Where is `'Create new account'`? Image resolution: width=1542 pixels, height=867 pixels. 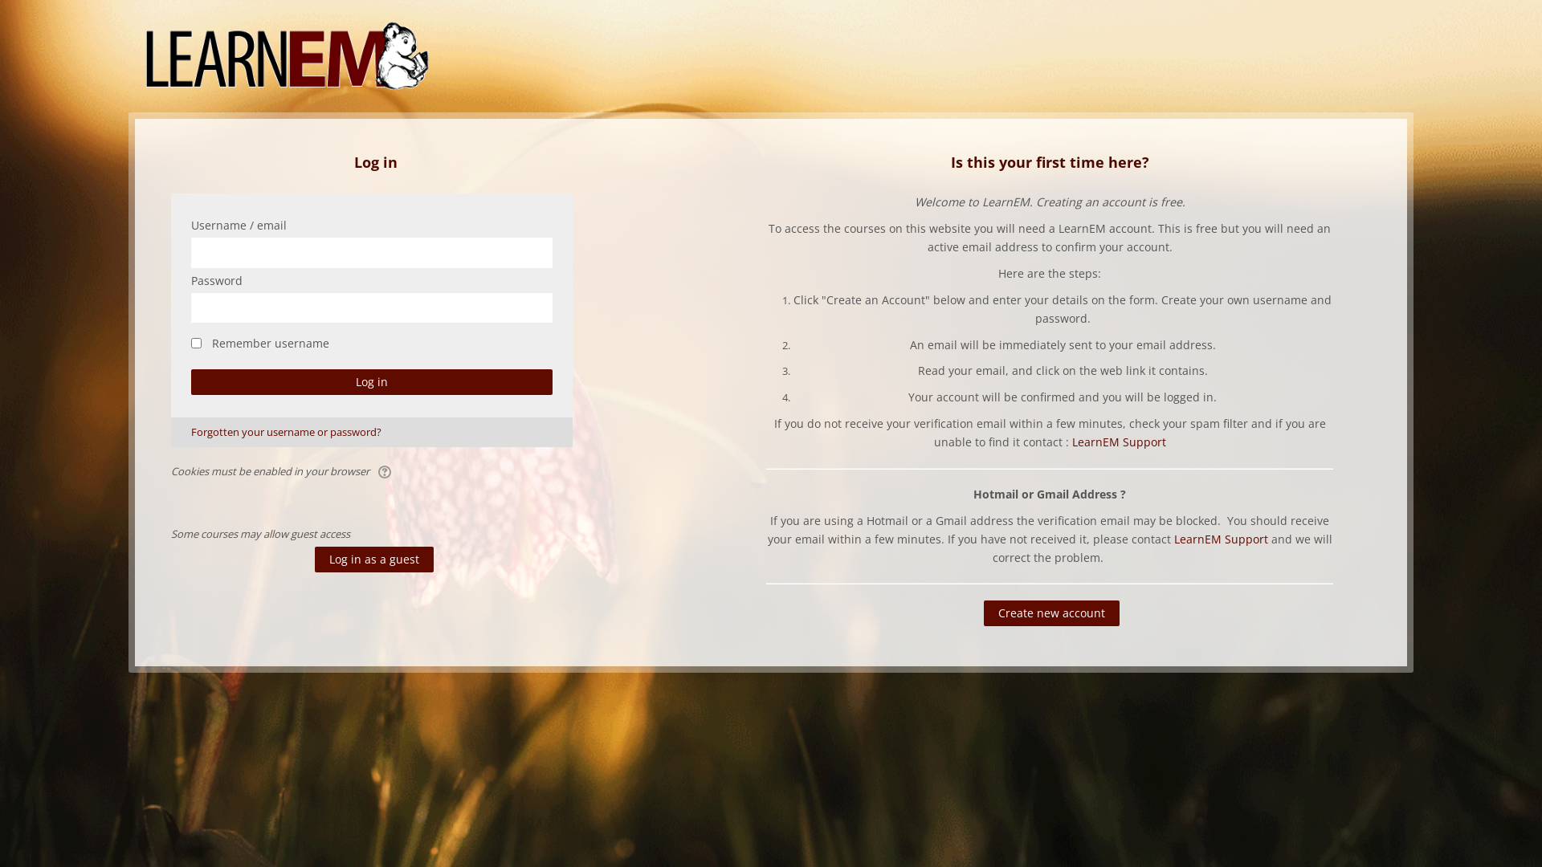 'Create new account' is located at coordinates (1051, 613).